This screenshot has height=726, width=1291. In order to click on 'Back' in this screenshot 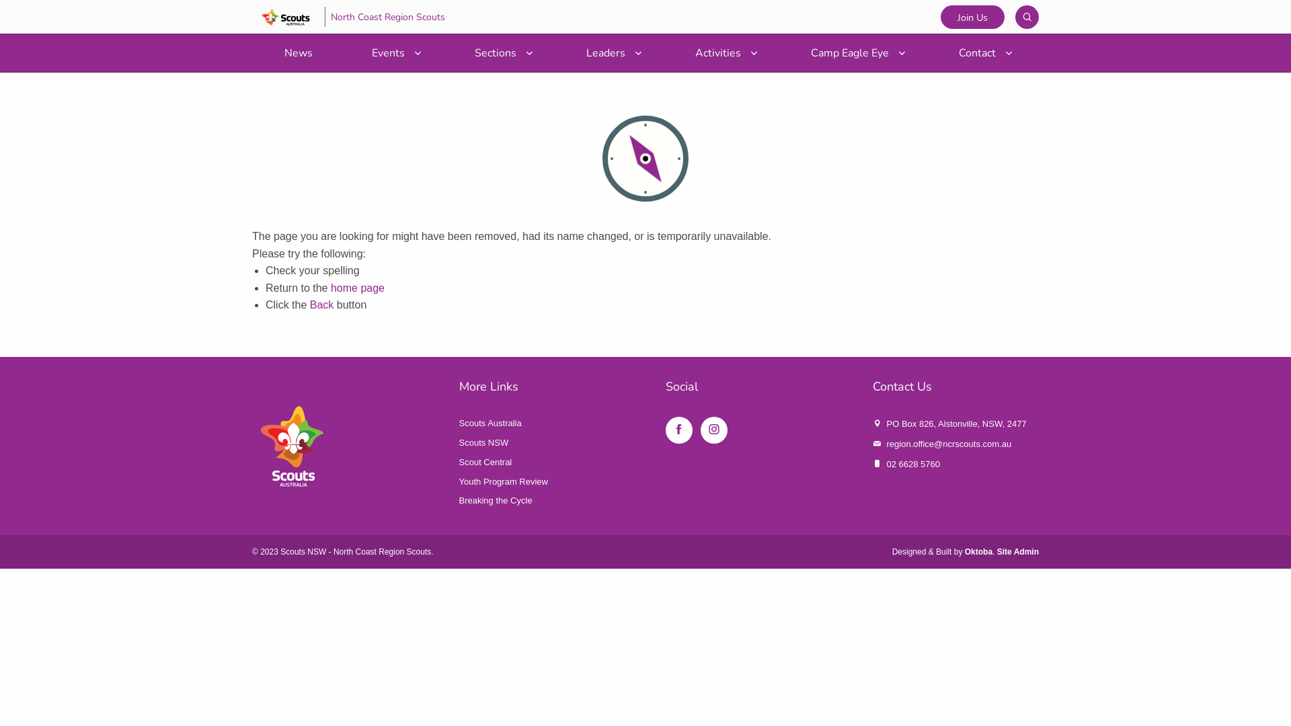, I will do `click(321, 305)`.